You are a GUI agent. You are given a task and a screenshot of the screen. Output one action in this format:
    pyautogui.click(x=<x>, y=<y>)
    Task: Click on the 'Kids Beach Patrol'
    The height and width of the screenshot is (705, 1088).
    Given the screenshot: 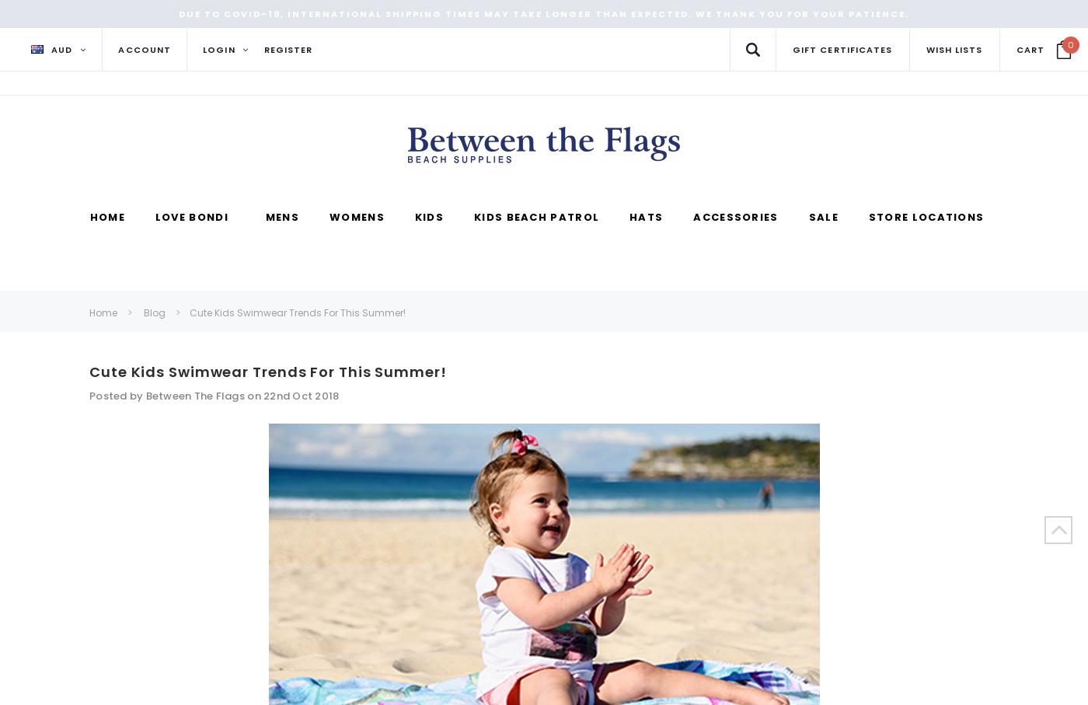 What is the action you would take?
    pyautogui.click(x=536, y=216)
    